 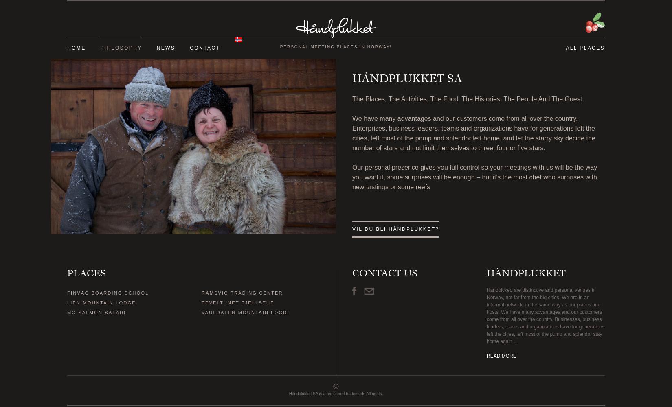 What do you see at coordinates (468, 98) in the screenshot?
I see `'The Places, The Activities, The Food, The Histories, The People And The Guest.'` at bounding box center [468, 98].